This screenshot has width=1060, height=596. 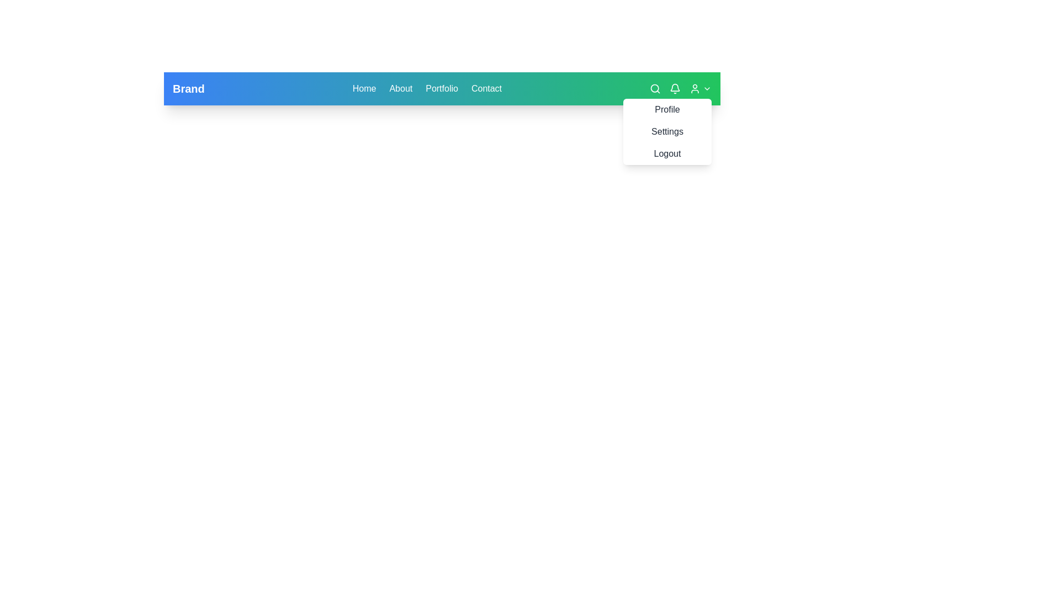 What do you see at coordinates (675, 87) in the screenshot?
I see `the bell icon located in the top-right corner of the navigation bar` at bounding box center [675, 87].